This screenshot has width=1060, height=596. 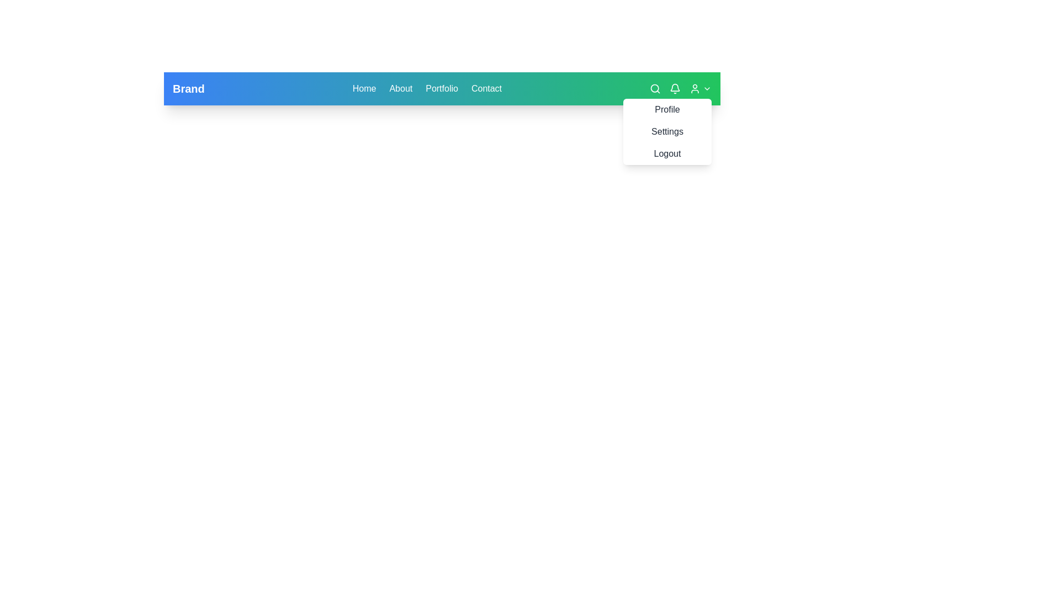 What do you see at coordinates (675, 87) in the screenshot?
I see `the bell icon located in the top-right corner of the navigation bar` at bounding box center [675, 87].